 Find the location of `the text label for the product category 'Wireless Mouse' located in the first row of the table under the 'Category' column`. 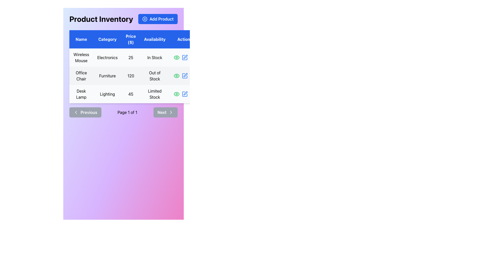

the text label for the product category 'Wireless Mouse' located in the first row of the table under the 'Category' column is located at coordinates (107, 57).